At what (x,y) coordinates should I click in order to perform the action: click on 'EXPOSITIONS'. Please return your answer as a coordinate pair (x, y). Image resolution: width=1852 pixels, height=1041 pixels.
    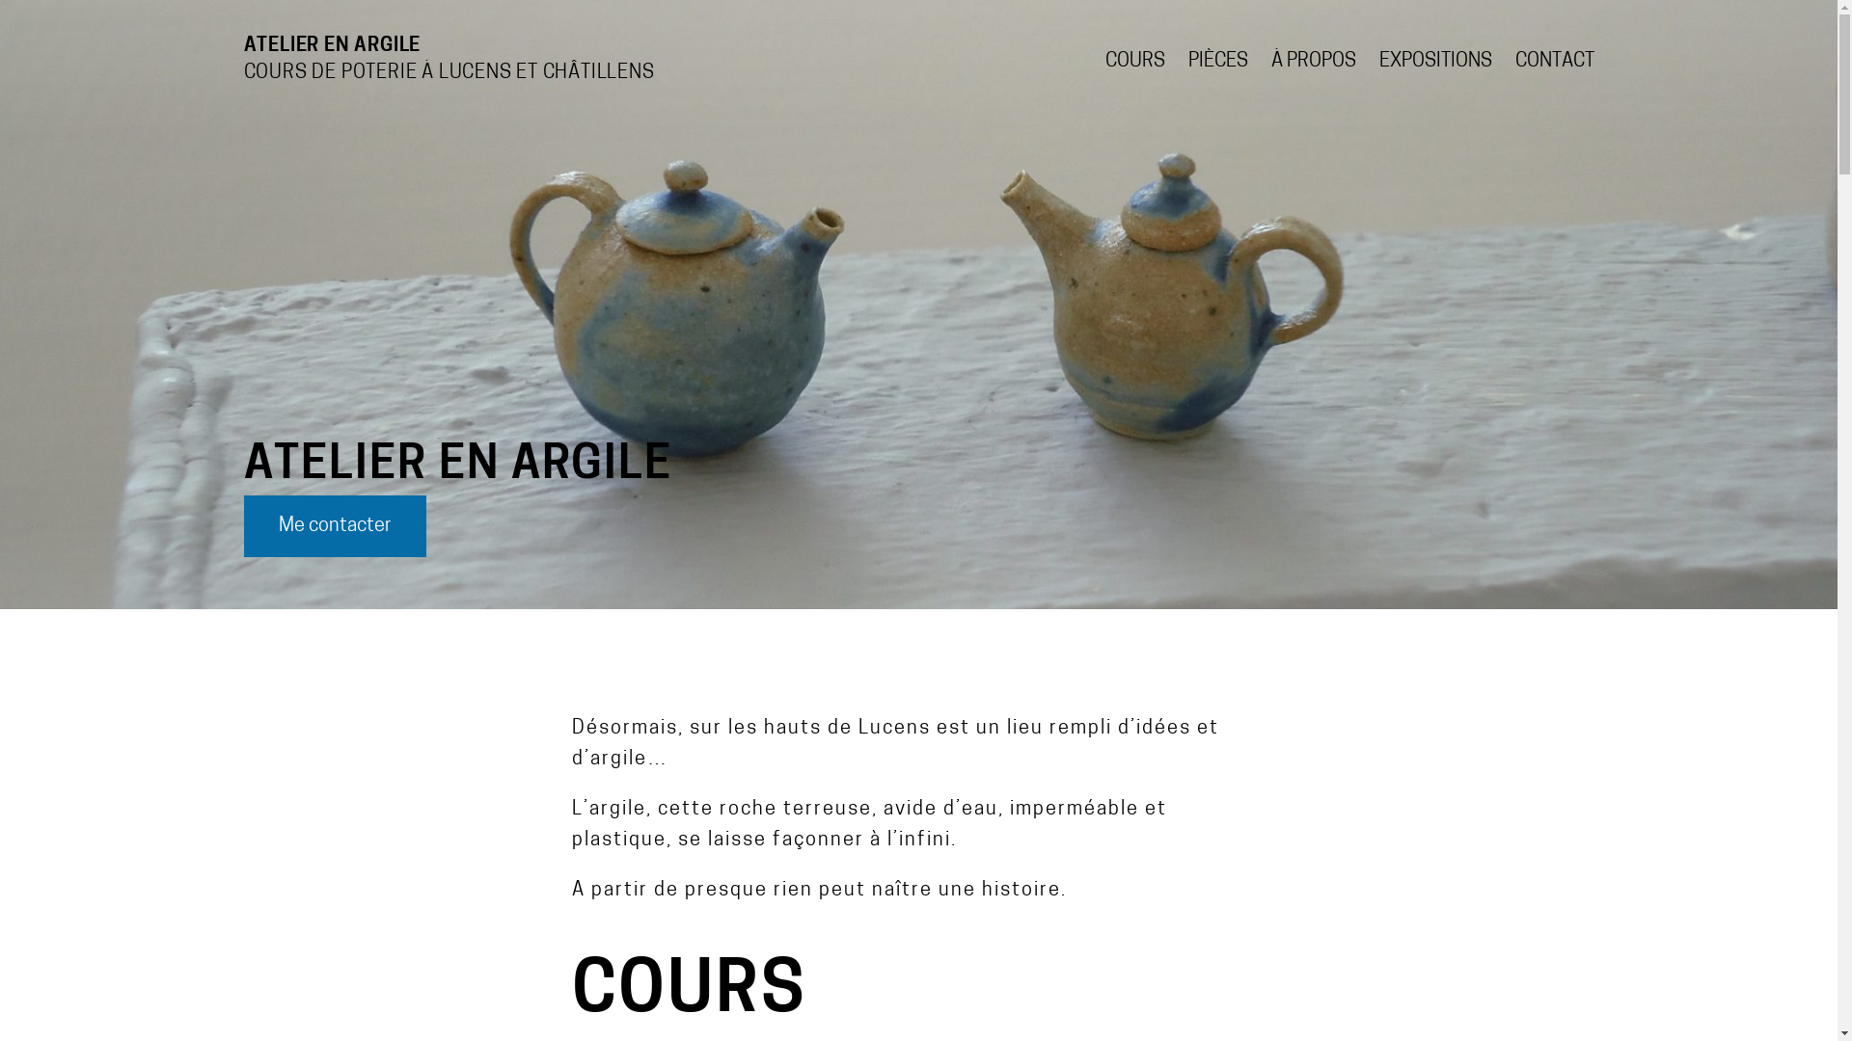
    Looking at the image, I should click on (1435, 61).